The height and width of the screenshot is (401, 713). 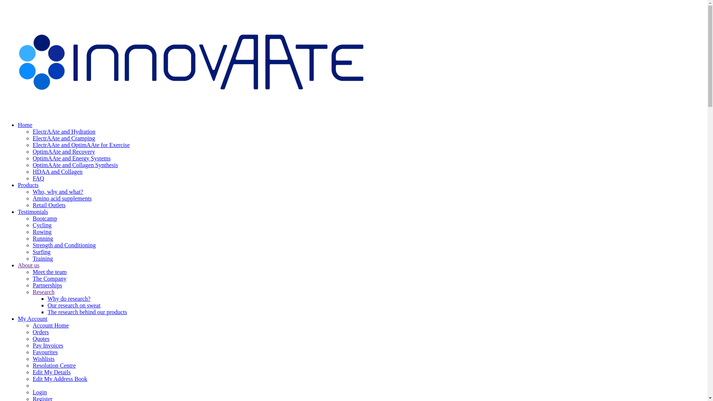 I want to click on 'Surfing', so click(x=32, y=251).